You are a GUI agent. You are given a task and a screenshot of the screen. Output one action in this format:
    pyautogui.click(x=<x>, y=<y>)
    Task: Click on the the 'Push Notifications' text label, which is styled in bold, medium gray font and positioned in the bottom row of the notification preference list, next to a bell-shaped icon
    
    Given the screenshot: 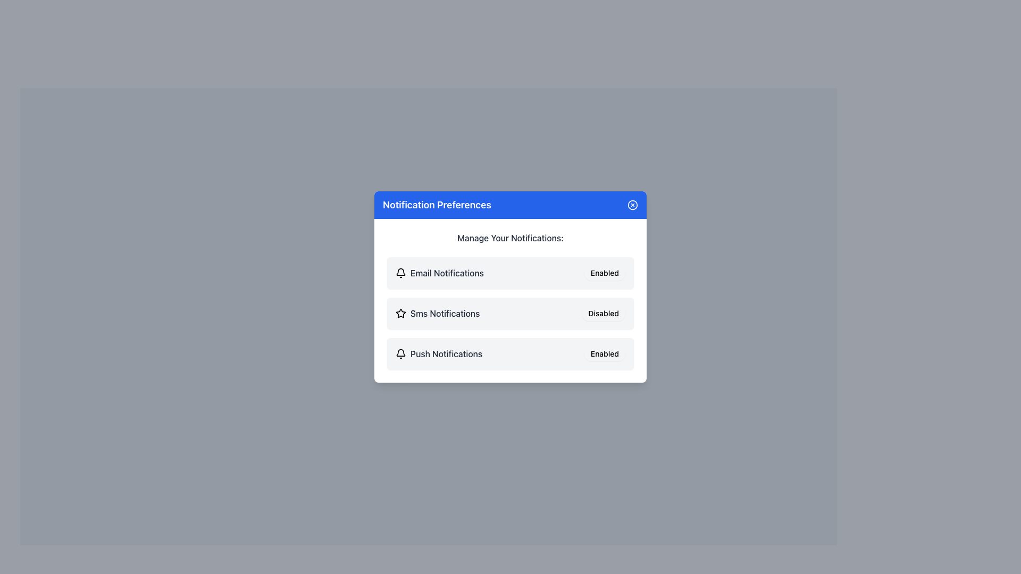 What is the action you would take?
    pyautogui.click(x=446, y=354)
    